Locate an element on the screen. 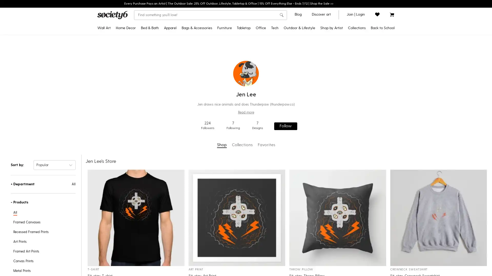 The image size is (492, 276). Hoodies is located at coordinates (186, 57).